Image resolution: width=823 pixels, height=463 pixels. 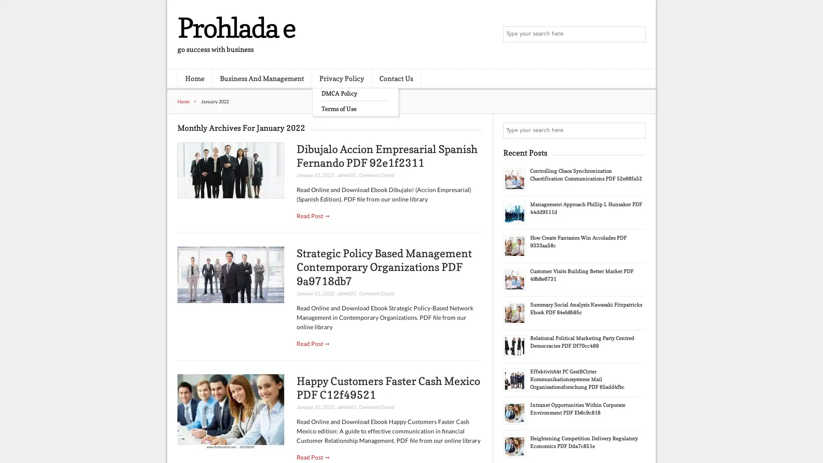 I want to click on Search, so click(x=637, y=34).